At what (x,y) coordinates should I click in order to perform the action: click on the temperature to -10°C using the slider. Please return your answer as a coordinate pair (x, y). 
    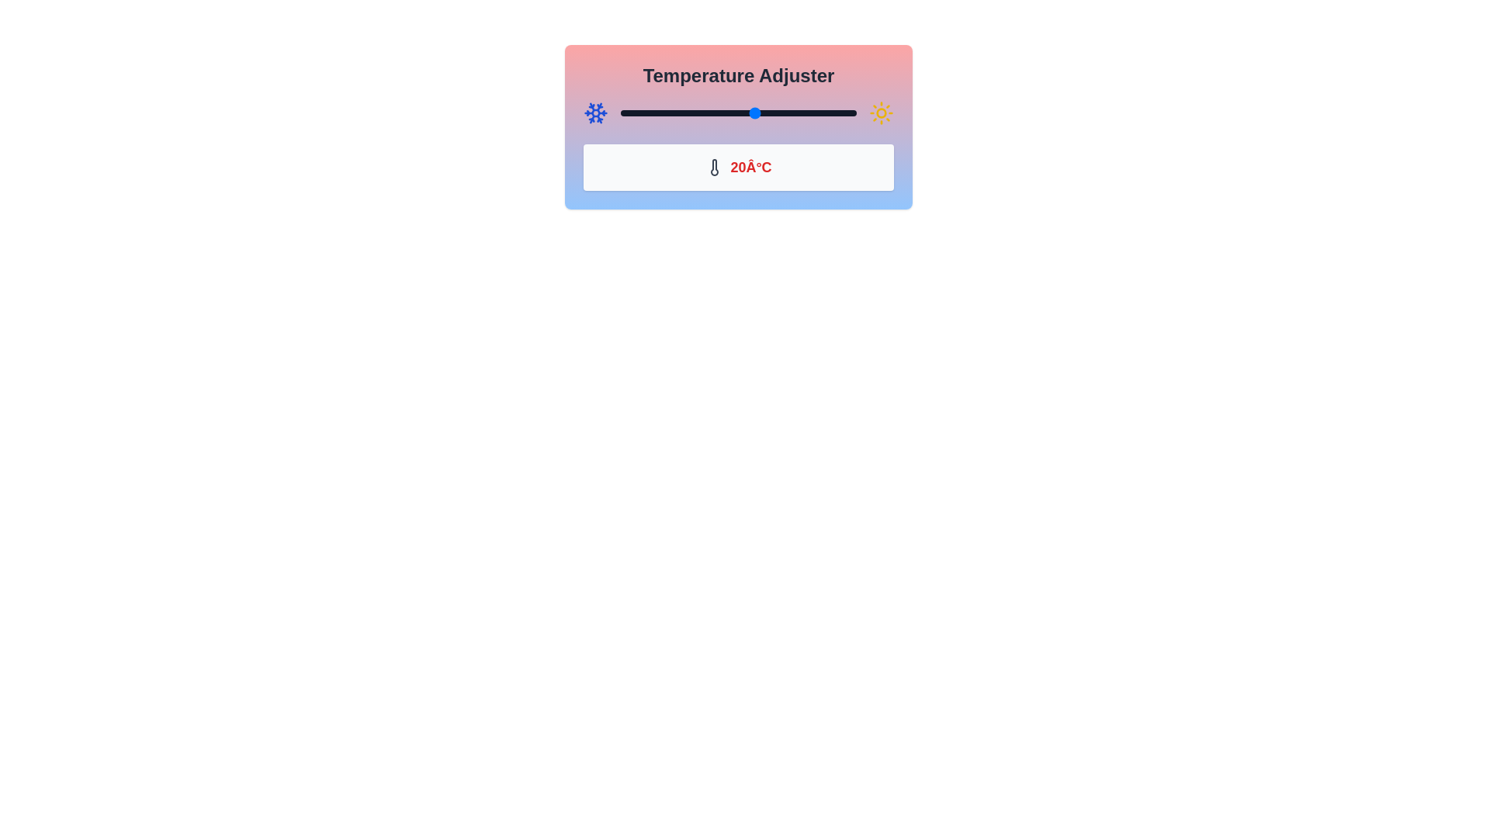
    Looking at the image, I should click on (654, 113).